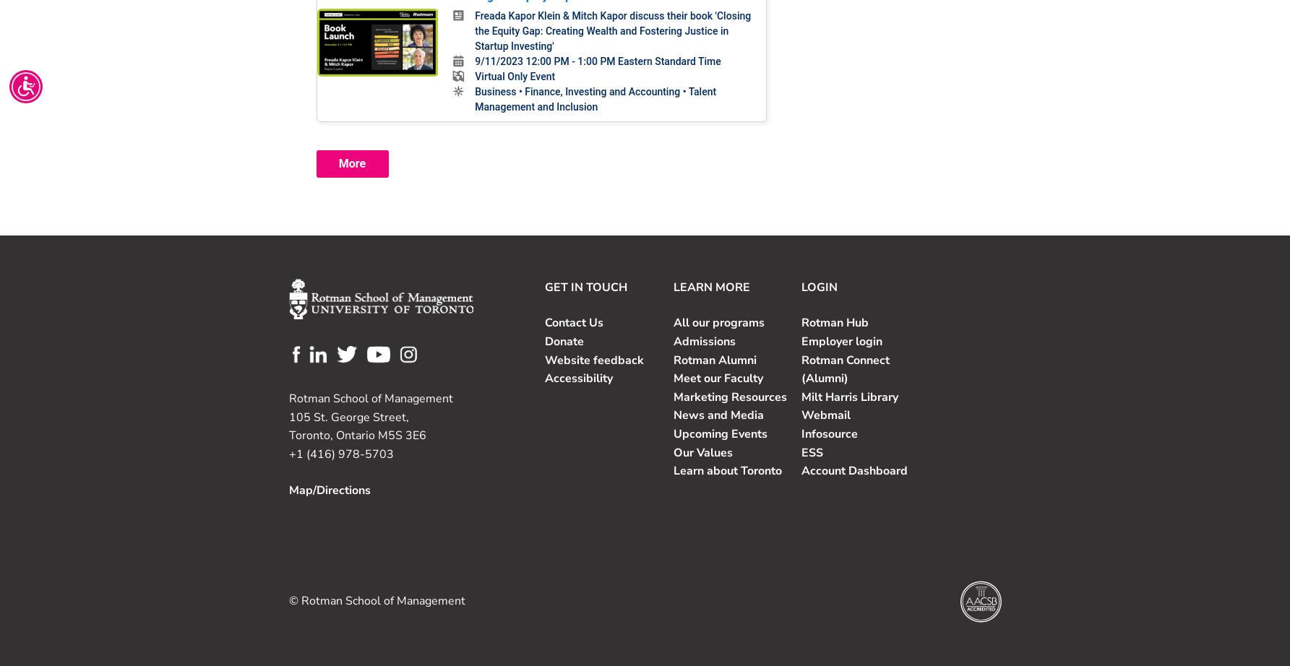  I want to click on 'Our Values', so click(701, 452).